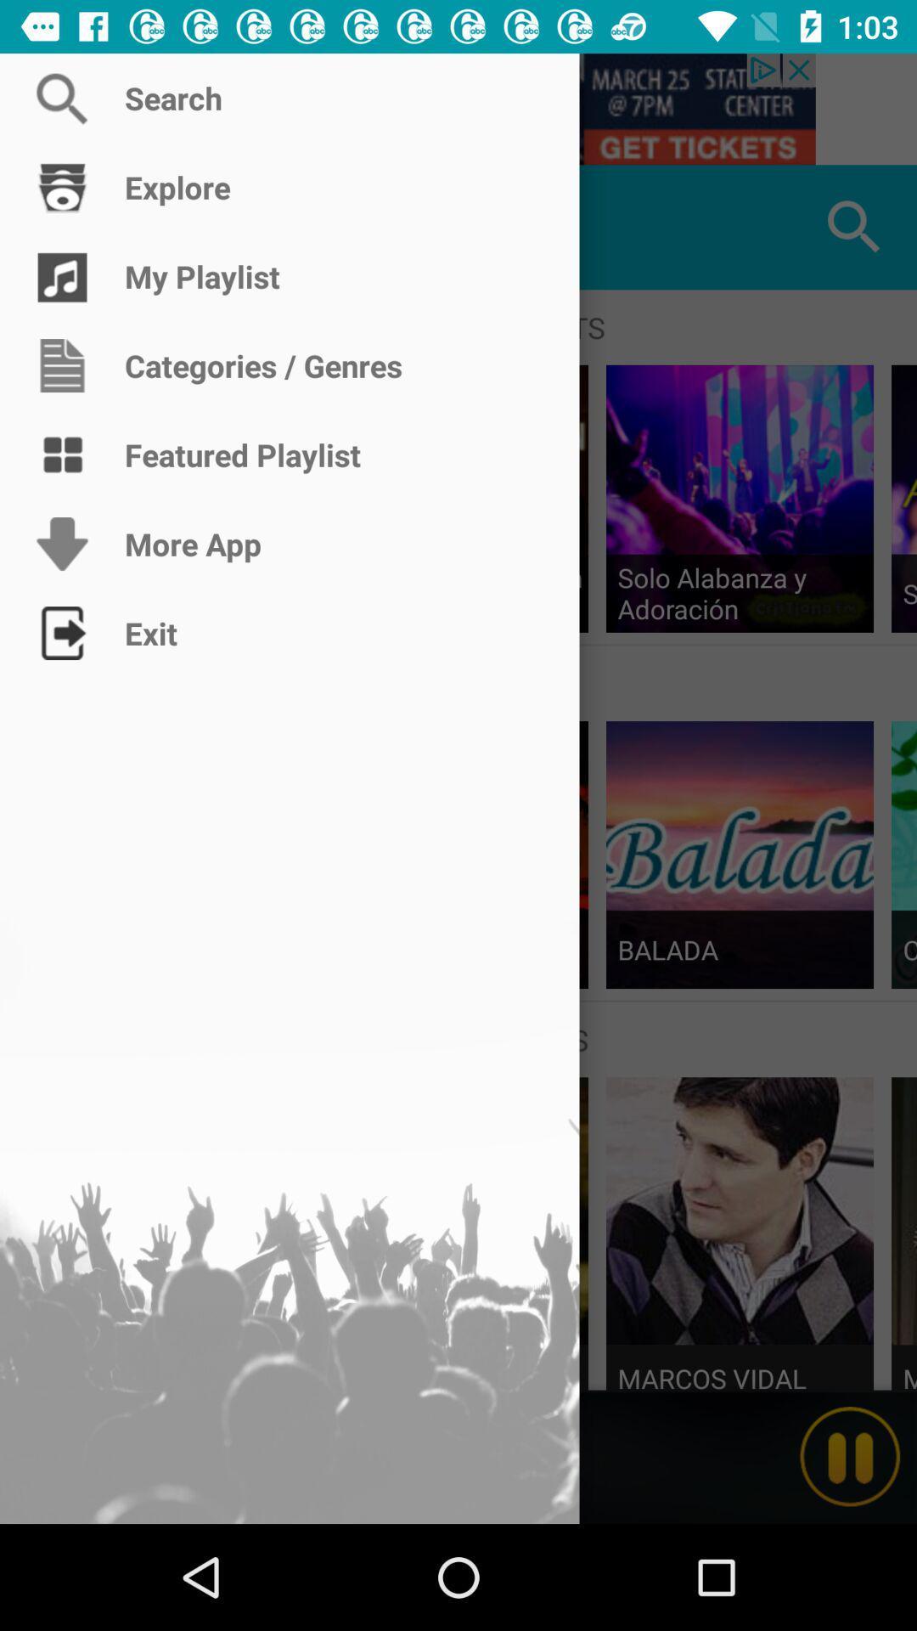 Image resolution: width=917 pixels, height=1631 pixels. I want to click on the pause icon, so click(850, 1456).